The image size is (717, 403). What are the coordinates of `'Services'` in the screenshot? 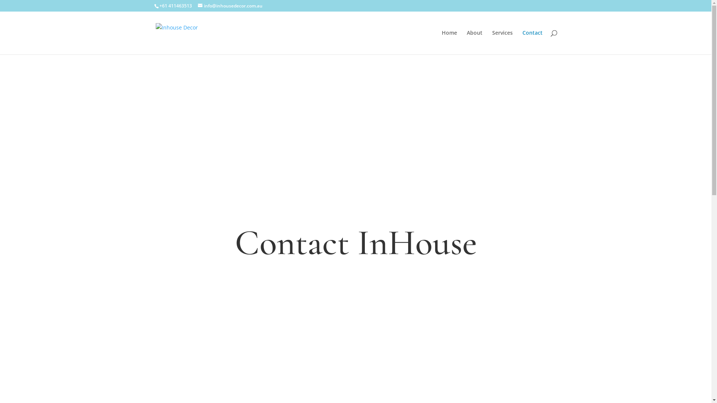 It's located at (502, 42).